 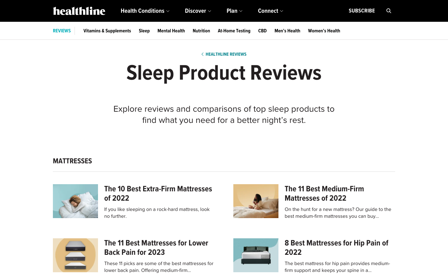 What do you see at coordinates (234, 30) in the screenshot?
I see `Fetch the most recent information about home testing` at bounding box center [234, 30].